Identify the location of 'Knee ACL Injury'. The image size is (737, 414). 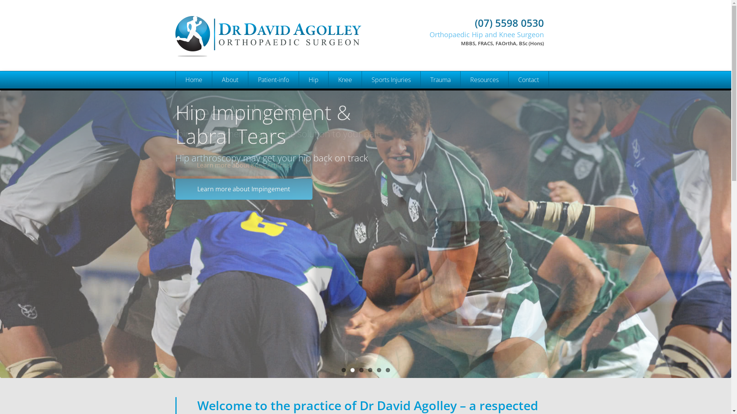
(391, 166).